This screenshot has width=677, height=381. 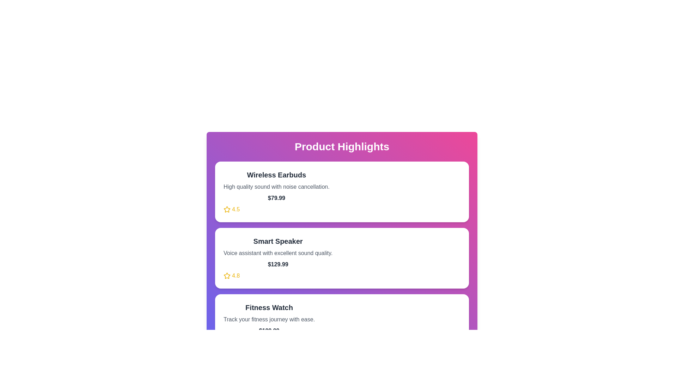 What do you see at coordinates (276, 186) in the screenshot?
I see `the product description for 'Wireless Earbuds'` at bounding box center [276, 186].